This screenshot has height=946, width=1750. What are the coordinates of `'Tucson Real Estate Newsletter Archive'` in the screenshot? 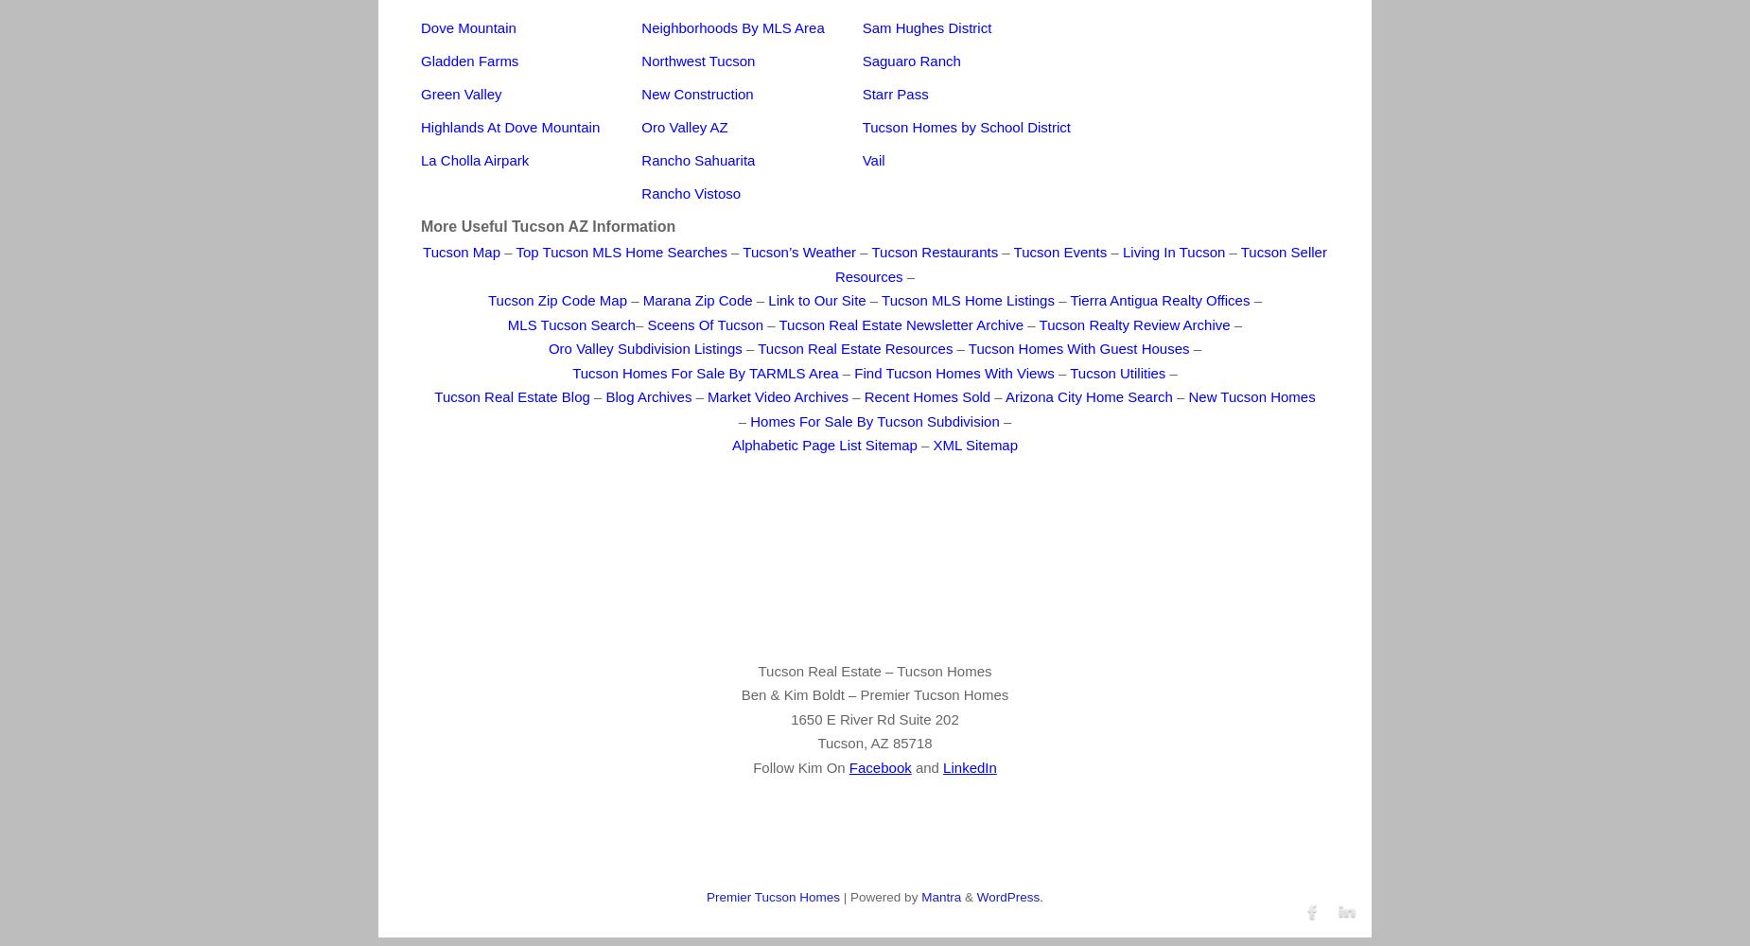 It's located at (779, 323).